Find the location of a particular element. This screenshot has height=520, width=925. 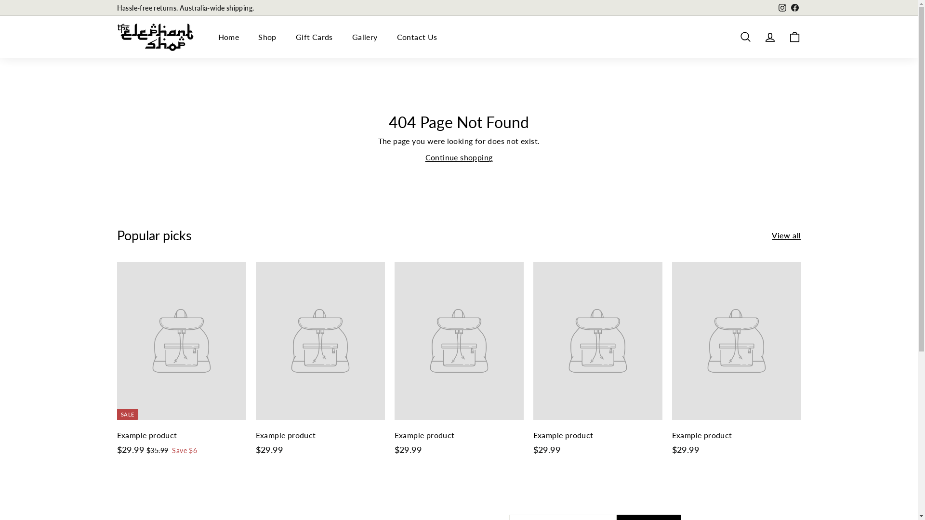

'Example product is located at coordinates (735, 364).